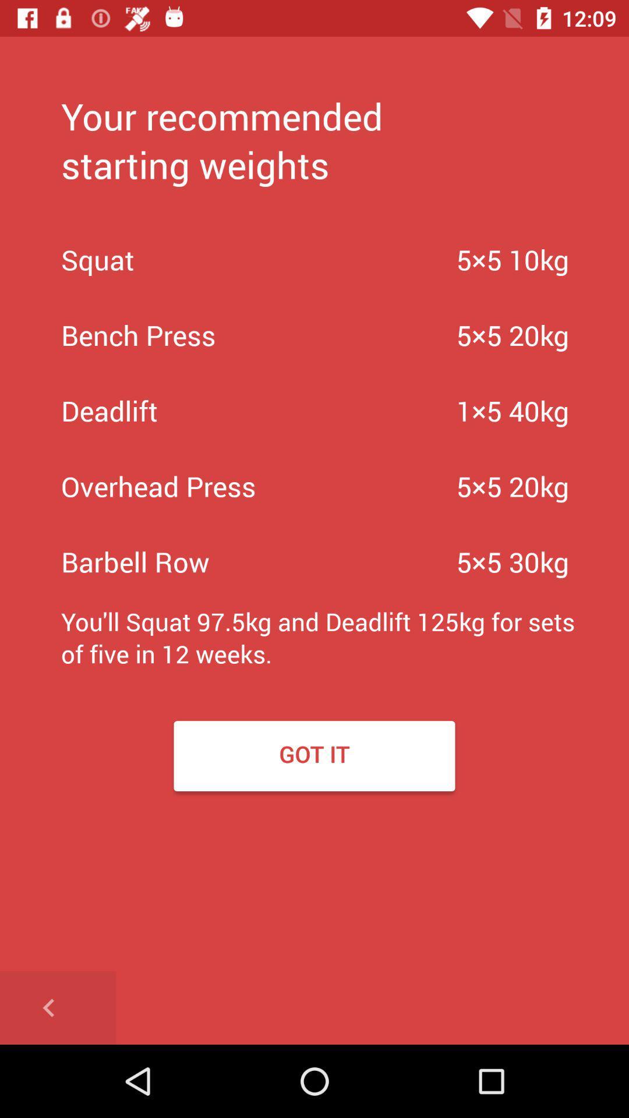  I want to click on item below the you ll squat item, so click(314, 756).